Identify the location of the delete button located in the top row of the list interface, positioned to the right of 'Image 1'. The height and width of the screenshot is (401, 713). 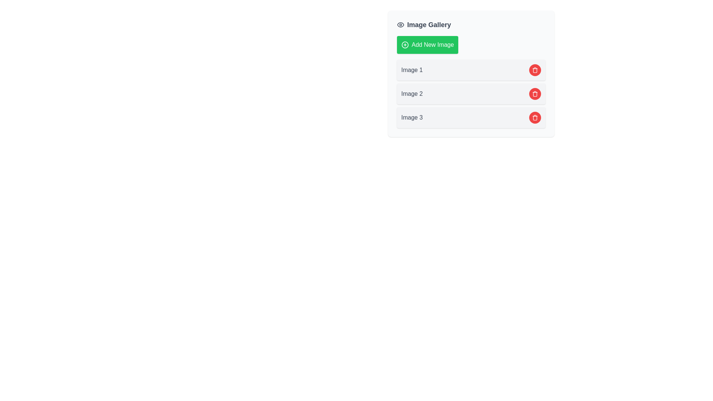
(535, 70).